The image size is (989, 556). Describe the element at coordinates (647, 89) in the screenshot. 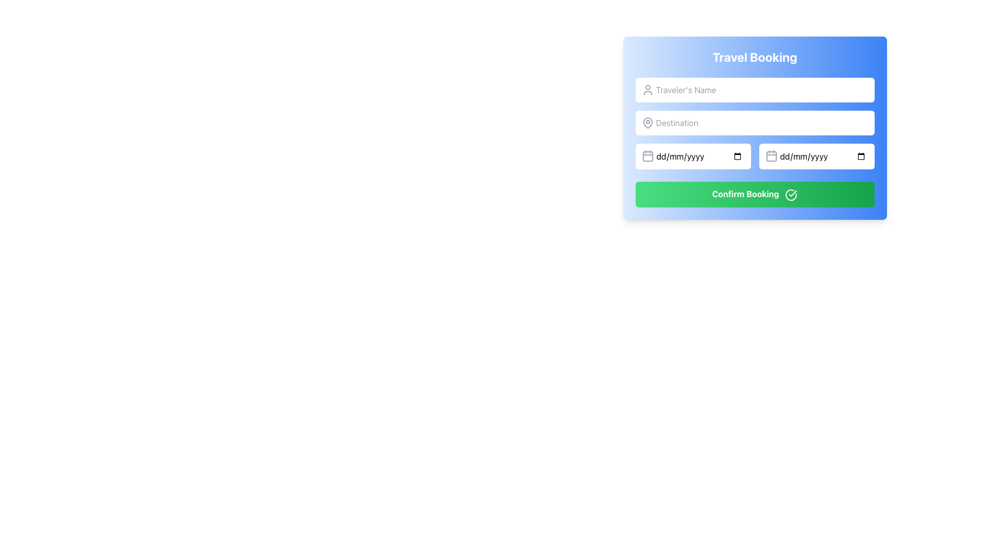

I see `the user profile icon, which is a minimalistic gray stroke silhouette located to the left of the 'Traveler's Name' input field` at that location.